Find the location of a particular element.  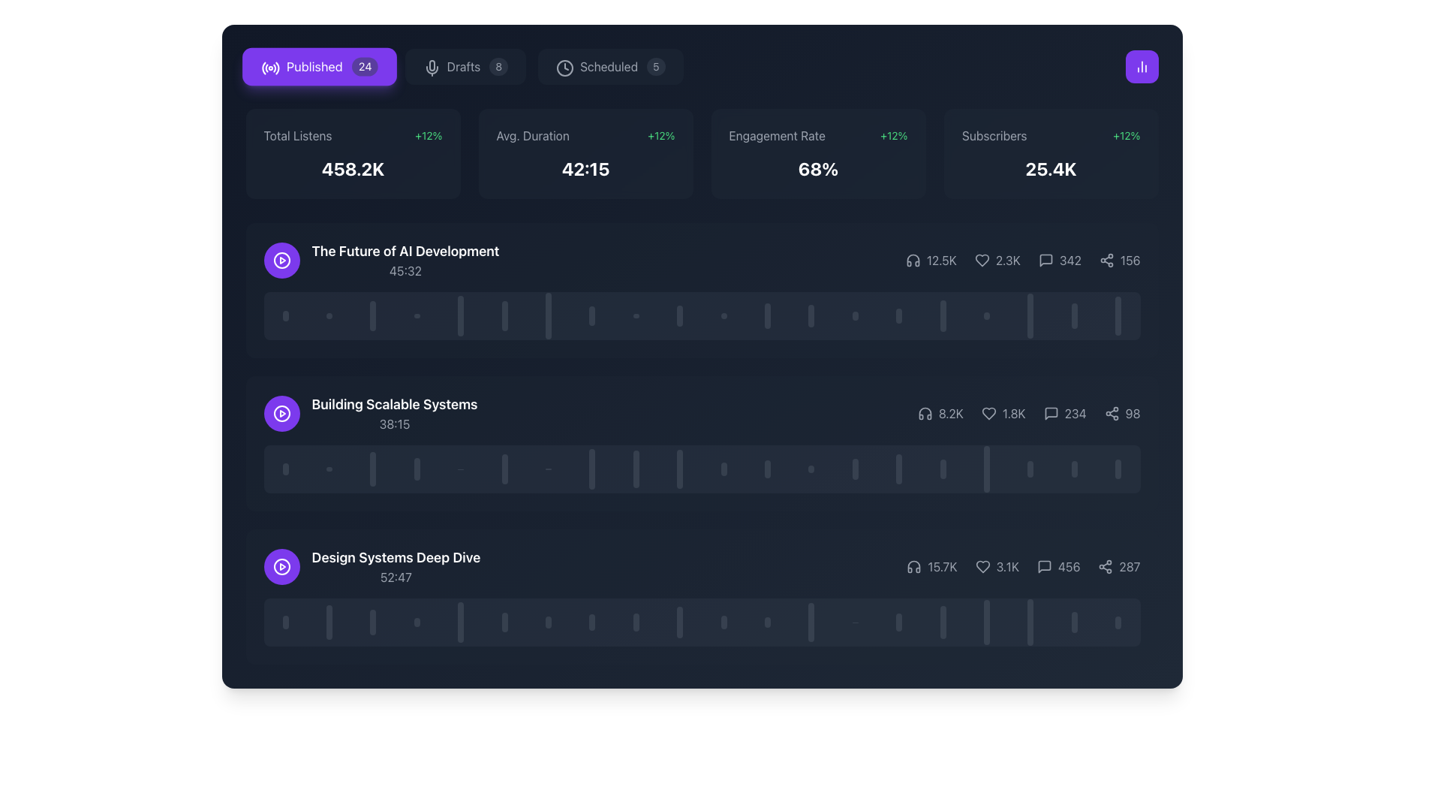

the Information card displaying the engagement rate metric, which is the third card in a horizontal grid layout of four items is located at coordinates (817, 153).